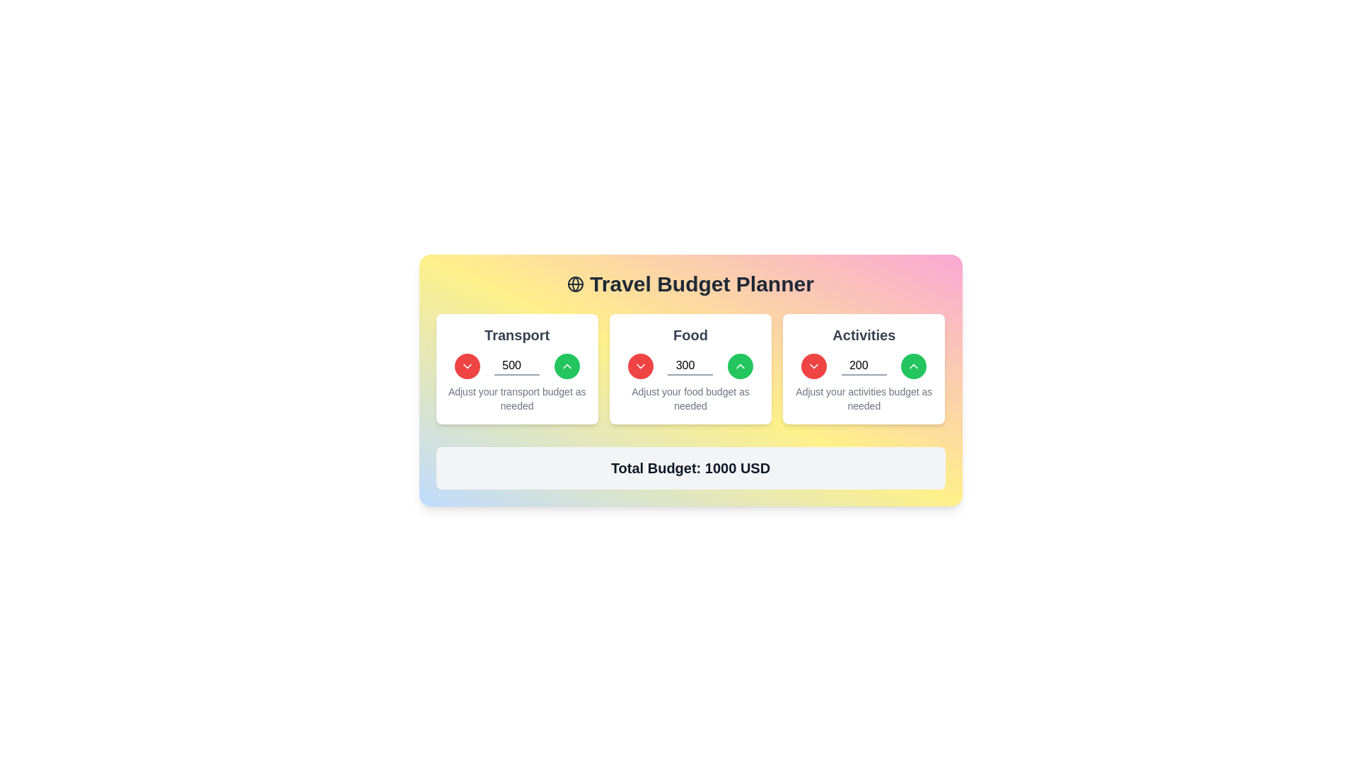  I want to click on the decrement button on the transport budget module, which is the first card in a horizontally aligned grid of budget categories, so click(516, 368).